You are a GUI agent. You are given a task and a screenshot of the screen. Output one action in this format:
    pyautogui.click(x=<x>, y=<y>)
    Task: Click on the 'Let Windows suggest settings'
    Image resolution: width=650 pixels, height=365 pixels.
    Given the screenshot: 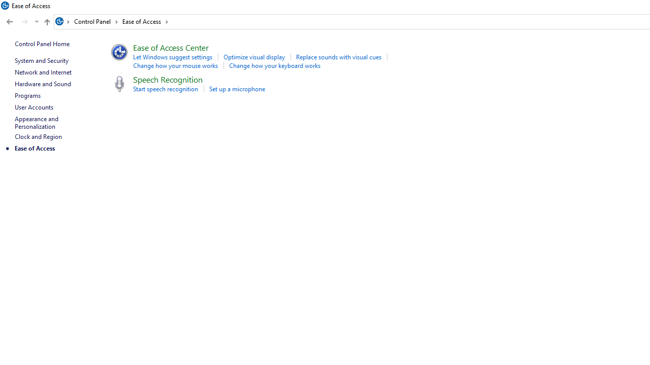 What is the action you would take?
    pyautogui.click(x=172, y=57)
    